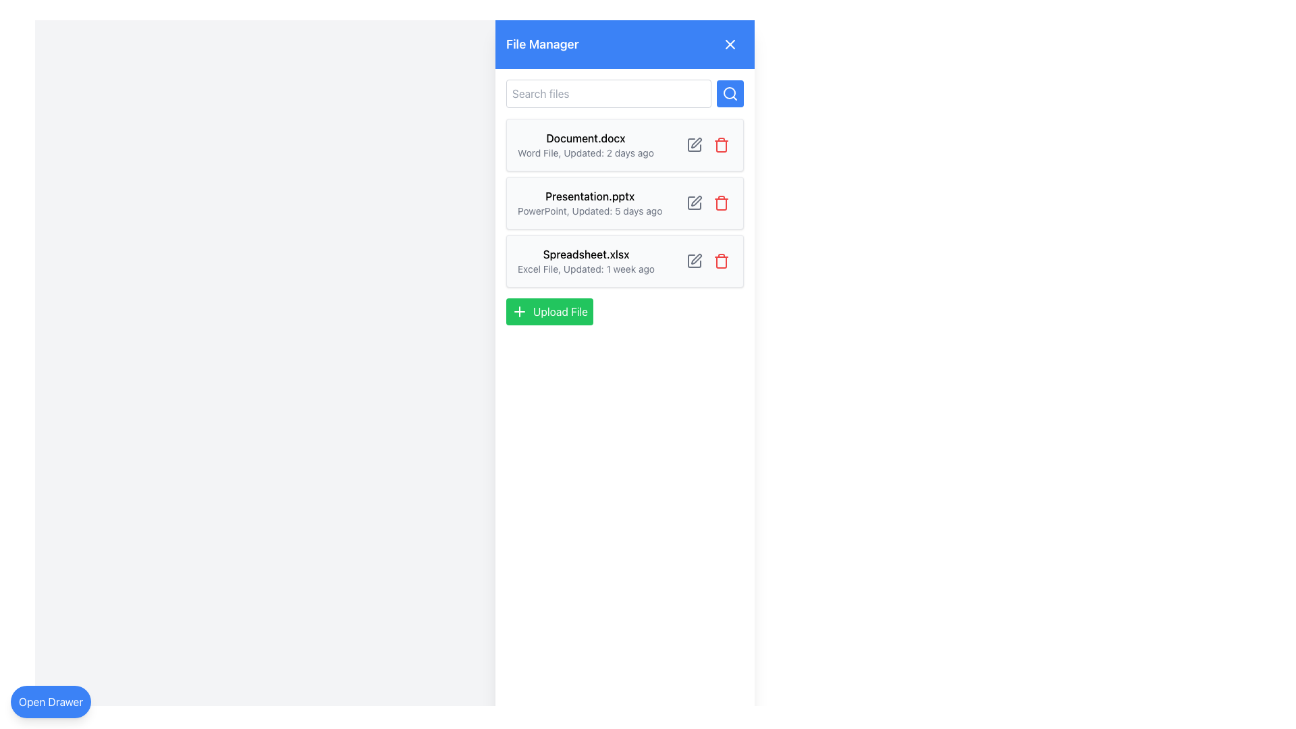  I want to click on the search trigger icon located inside a blue circular button in the upper blue bar of the sidebar interface, positioned directly to the right of the search input field to initiate the search action, so click(729, 92).